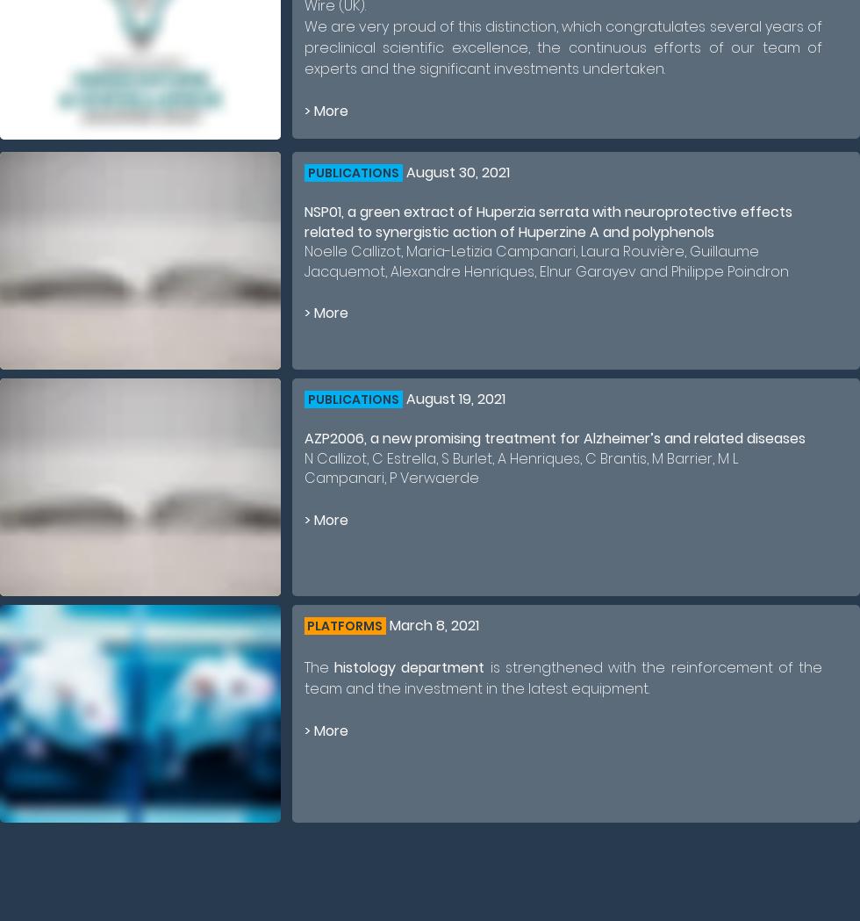  What do you see at coordinates (548, 220) in the screenshot?
I see `'NSP01, a green extract of Huperzia serrata with neuroprotective effects related to synergistic action of Huperzine A and polyphenols'` at bounding box center [548, 220].